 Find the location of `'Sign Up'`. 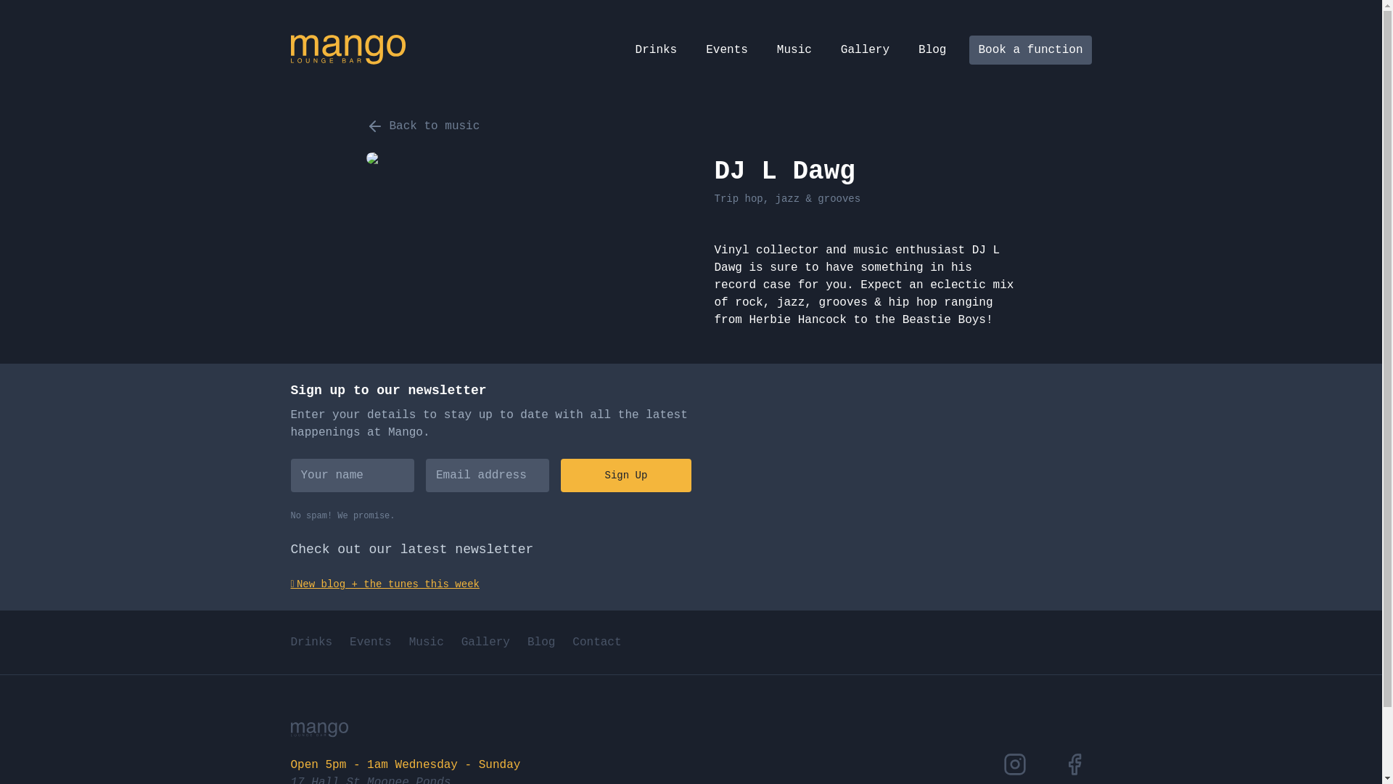

'Sign Up' is located at coordinates (559, 475).